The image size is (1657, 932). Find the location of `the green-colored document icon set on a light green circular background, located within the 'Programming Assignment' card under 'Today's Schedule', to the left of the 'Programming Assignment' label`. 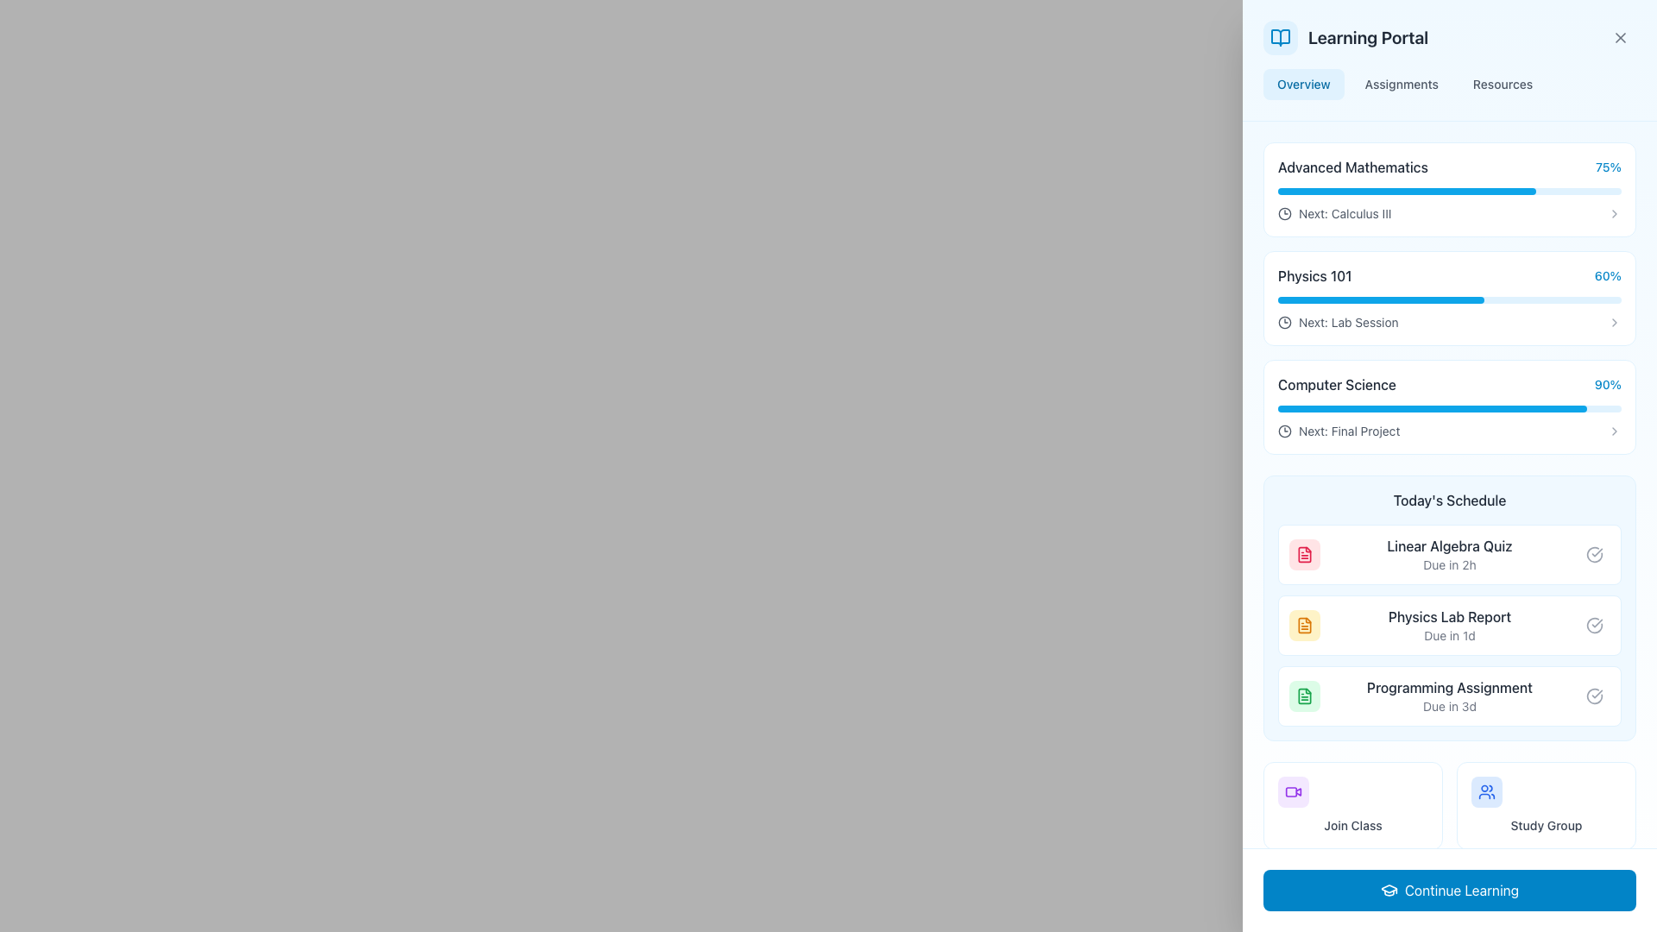

the green-colored document icon set on a light green circular background, located within the 'Programming Assignment' card under 'Today's Schedule', to the left of the 'Programming Assignment' label is located at coordinates (1305, 695).